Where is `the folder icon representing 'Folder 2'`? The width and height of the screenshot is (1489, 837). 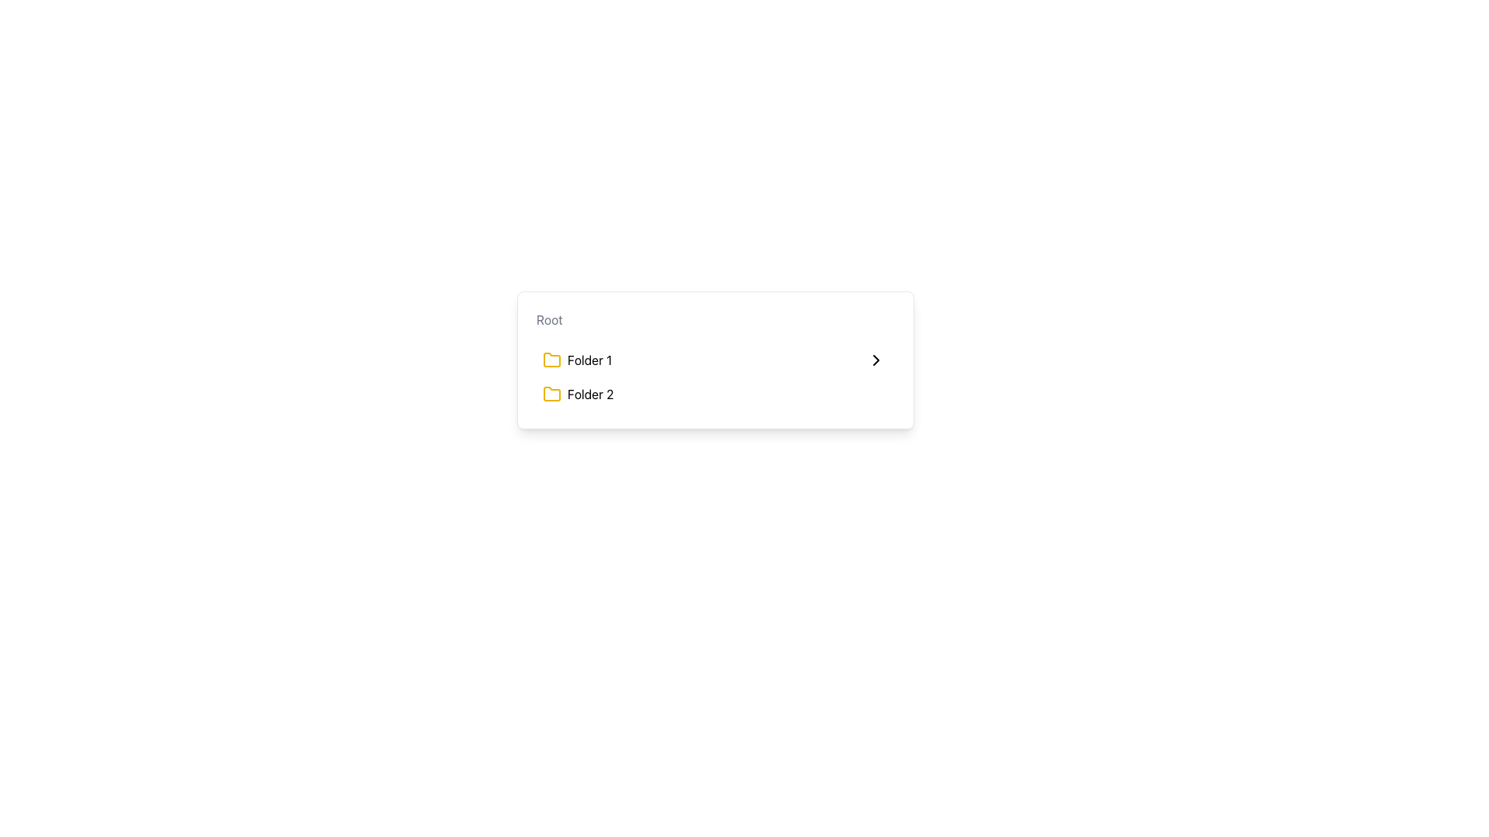
the folder icon representing 'Folder 2' is located at coordinates (551, 394).